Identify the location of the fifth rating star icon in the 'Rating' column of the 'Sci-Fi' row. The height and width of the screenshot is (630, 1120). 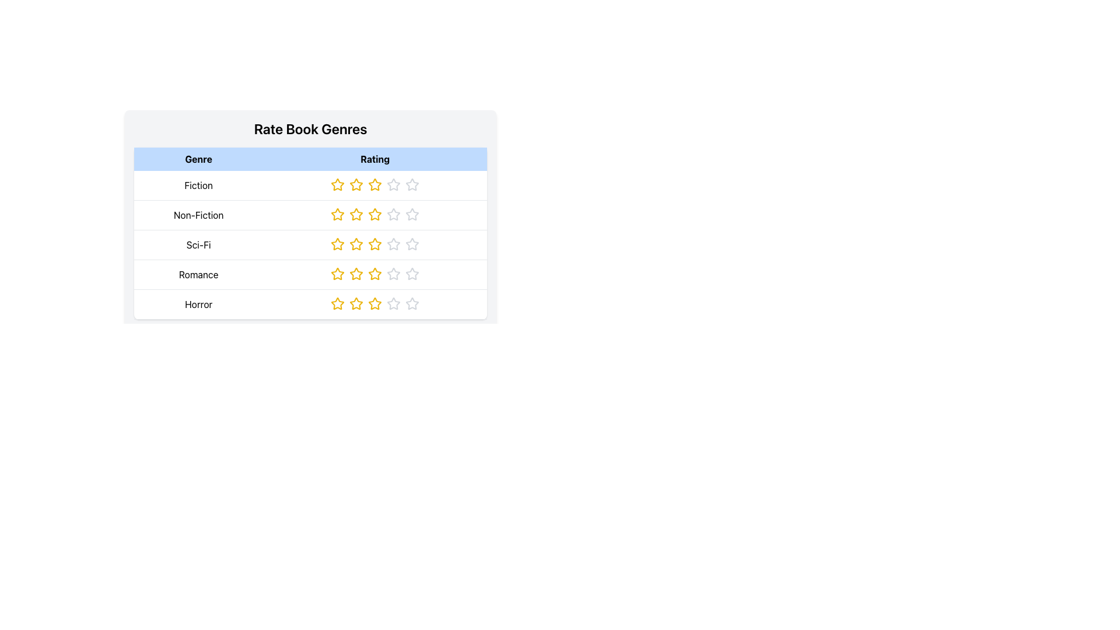
(412, 244).